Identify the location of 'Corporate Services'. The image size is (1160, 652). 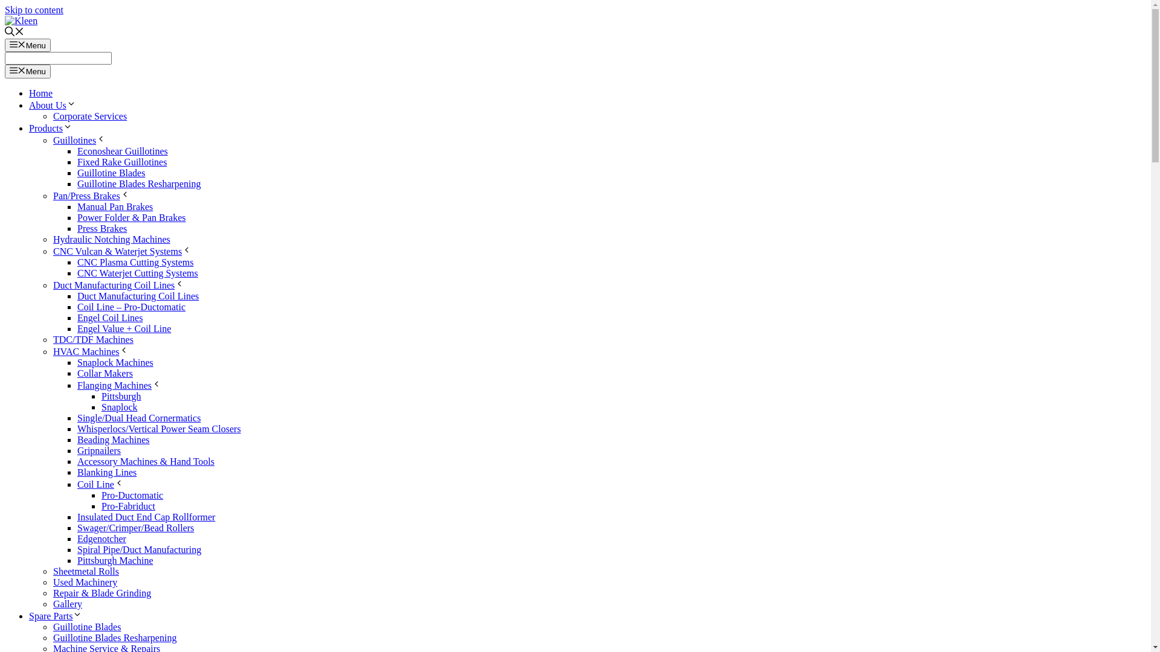
(89, 116).